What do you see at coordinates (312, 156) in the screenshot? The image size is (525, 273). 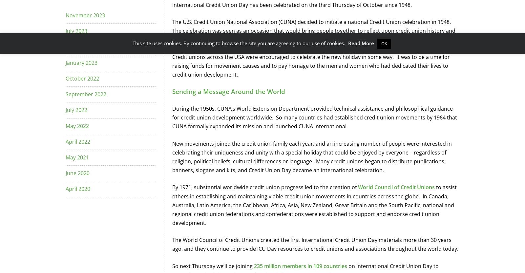 I see `'New movements joined the credit union family each year, and an increasing number of people were interested in celebrating their uniqueness and unity with a special holiday that could be enjoyed by everyone – regardless of religion, political beliefs, cultural differences or language.  Many credit unions began to distribute publications, banners, slogans and kits, and Credit Union Day became an international celebration.'` at bounding box center [312, 156].